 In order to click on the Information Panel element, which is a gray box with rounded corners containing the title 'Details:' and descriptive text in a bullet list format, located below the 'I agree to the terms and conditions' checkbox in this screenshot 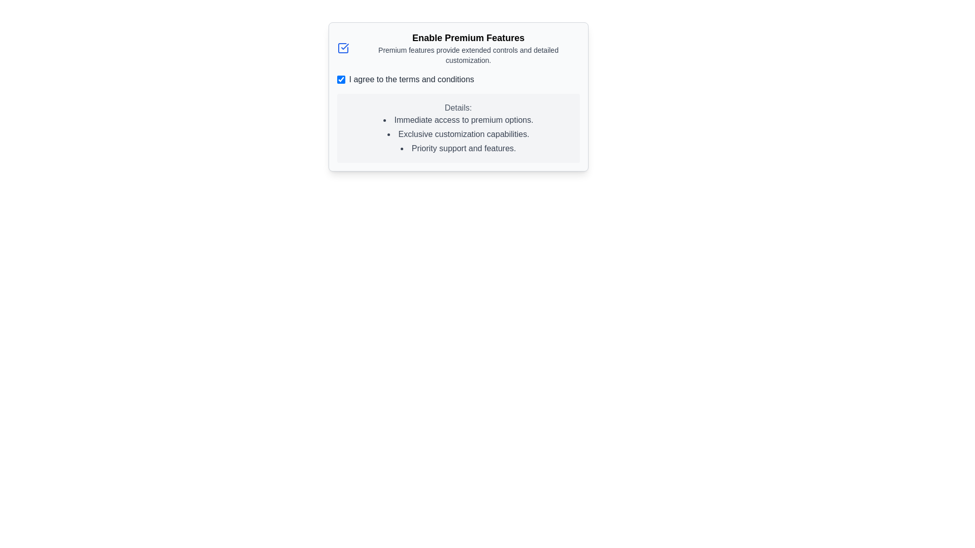, I will do `click(458, 128)`.